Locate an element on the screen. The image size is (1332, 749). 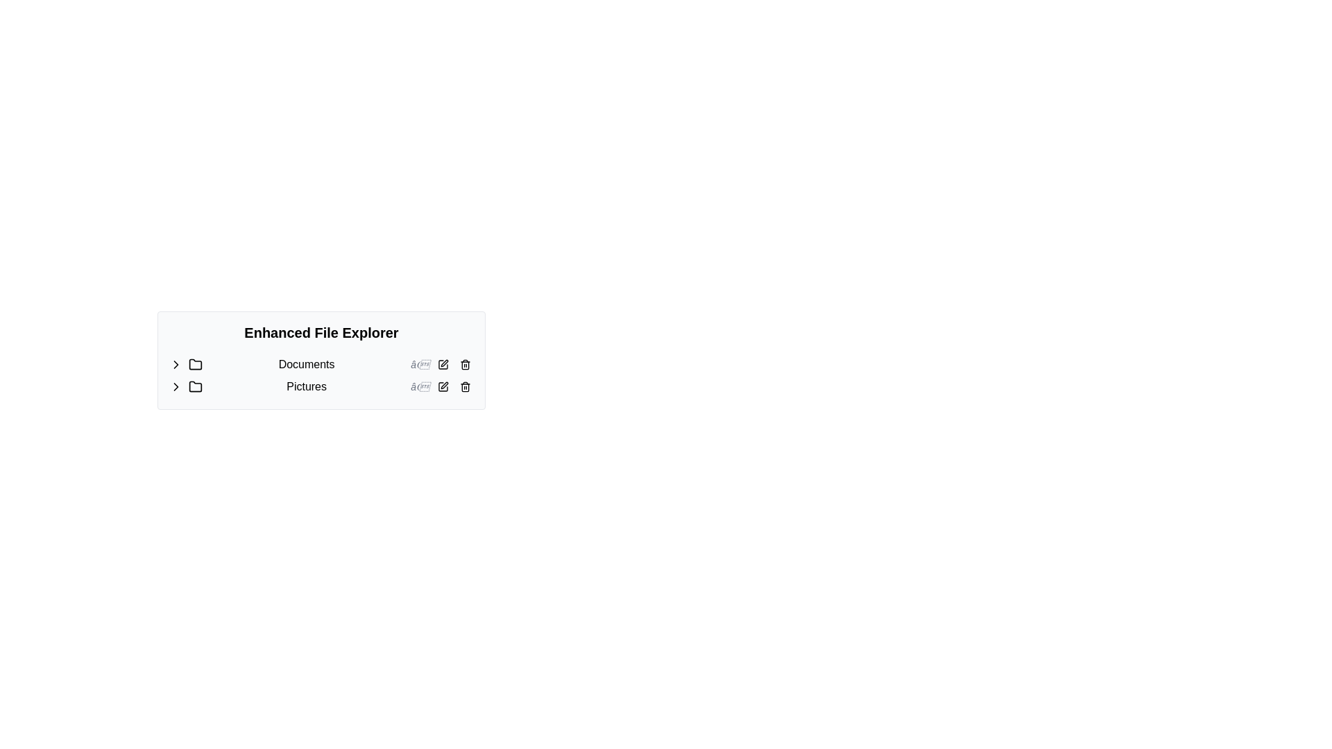
the small square icon resembling a pen next to the text 'Documents' is located at coordinates (442, 363).